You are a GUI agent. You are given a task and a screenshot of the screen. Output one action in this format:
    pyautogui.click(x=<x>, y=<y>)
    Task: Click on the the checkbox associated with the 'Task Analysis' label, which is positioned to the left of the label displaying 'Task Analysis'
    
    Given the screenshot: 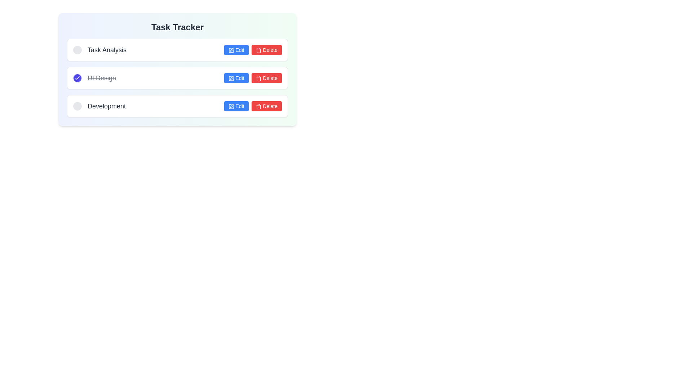 What is the action you would take?
    pyautogui.click(x=99, y=49)
    